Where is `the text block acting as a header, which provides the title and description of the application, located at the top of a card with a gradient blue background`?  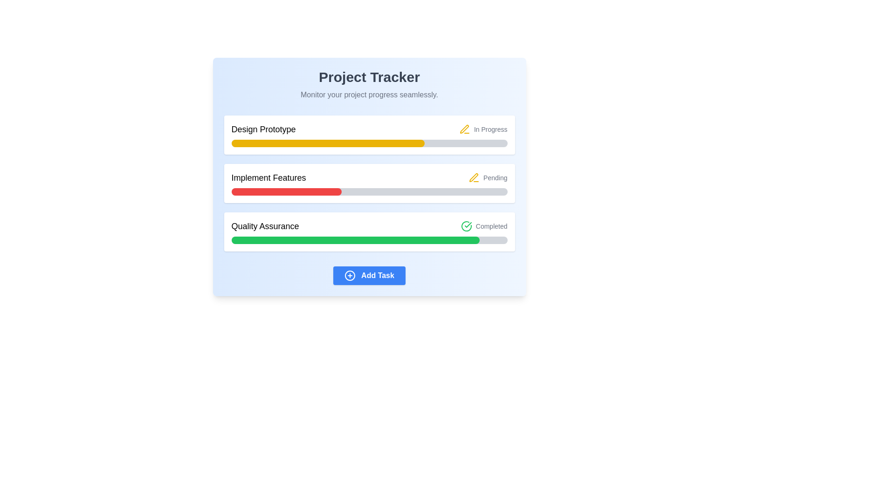 the text block acting as a header, which provides the title and description of the application, located at the top of a card with a gradient blue background is located at coordinates (369, 84).